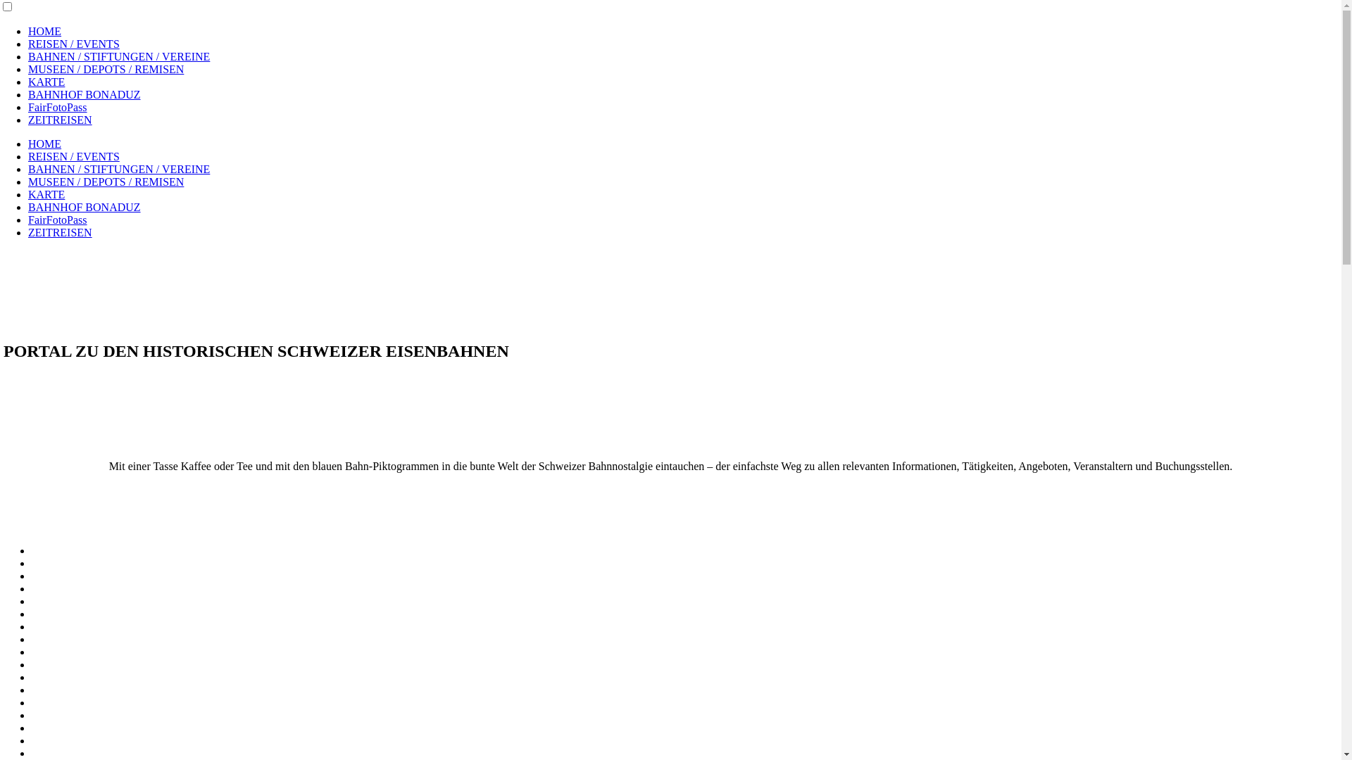 The width and height of the screenshot is (1352, 760). I want to click on 'MUSEEN / DEPOTS / REMISEN', so click(105, 69).